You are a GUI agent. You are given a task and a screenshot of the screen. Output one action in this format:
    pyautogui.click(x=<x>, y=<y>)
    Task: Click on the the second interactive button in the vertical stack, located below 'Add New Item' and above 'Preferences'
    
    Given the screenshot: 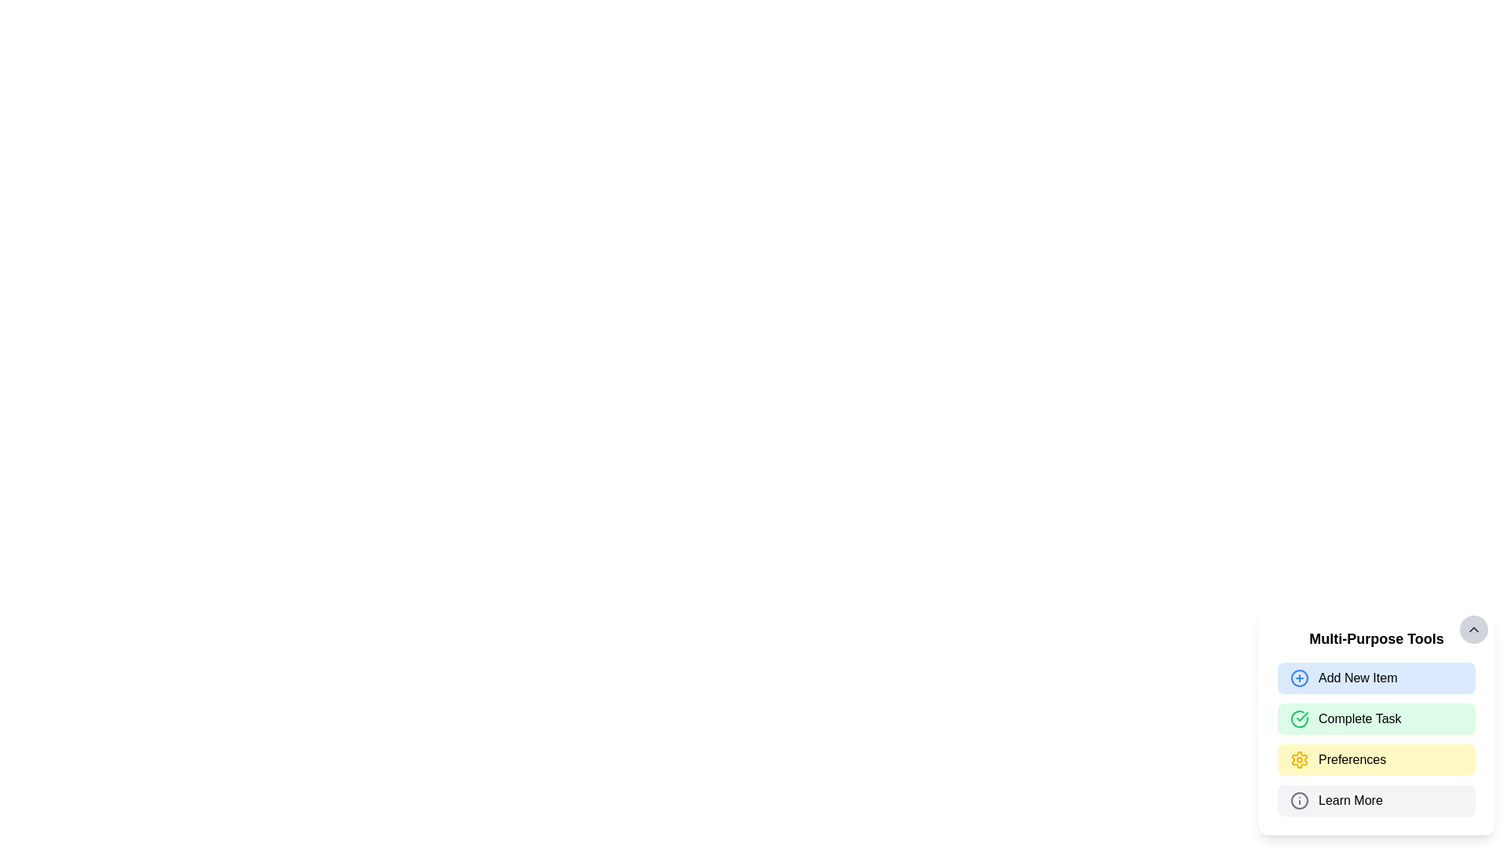 What is the action you would take?
    pyautogui.click(x=1375, y=718)
    